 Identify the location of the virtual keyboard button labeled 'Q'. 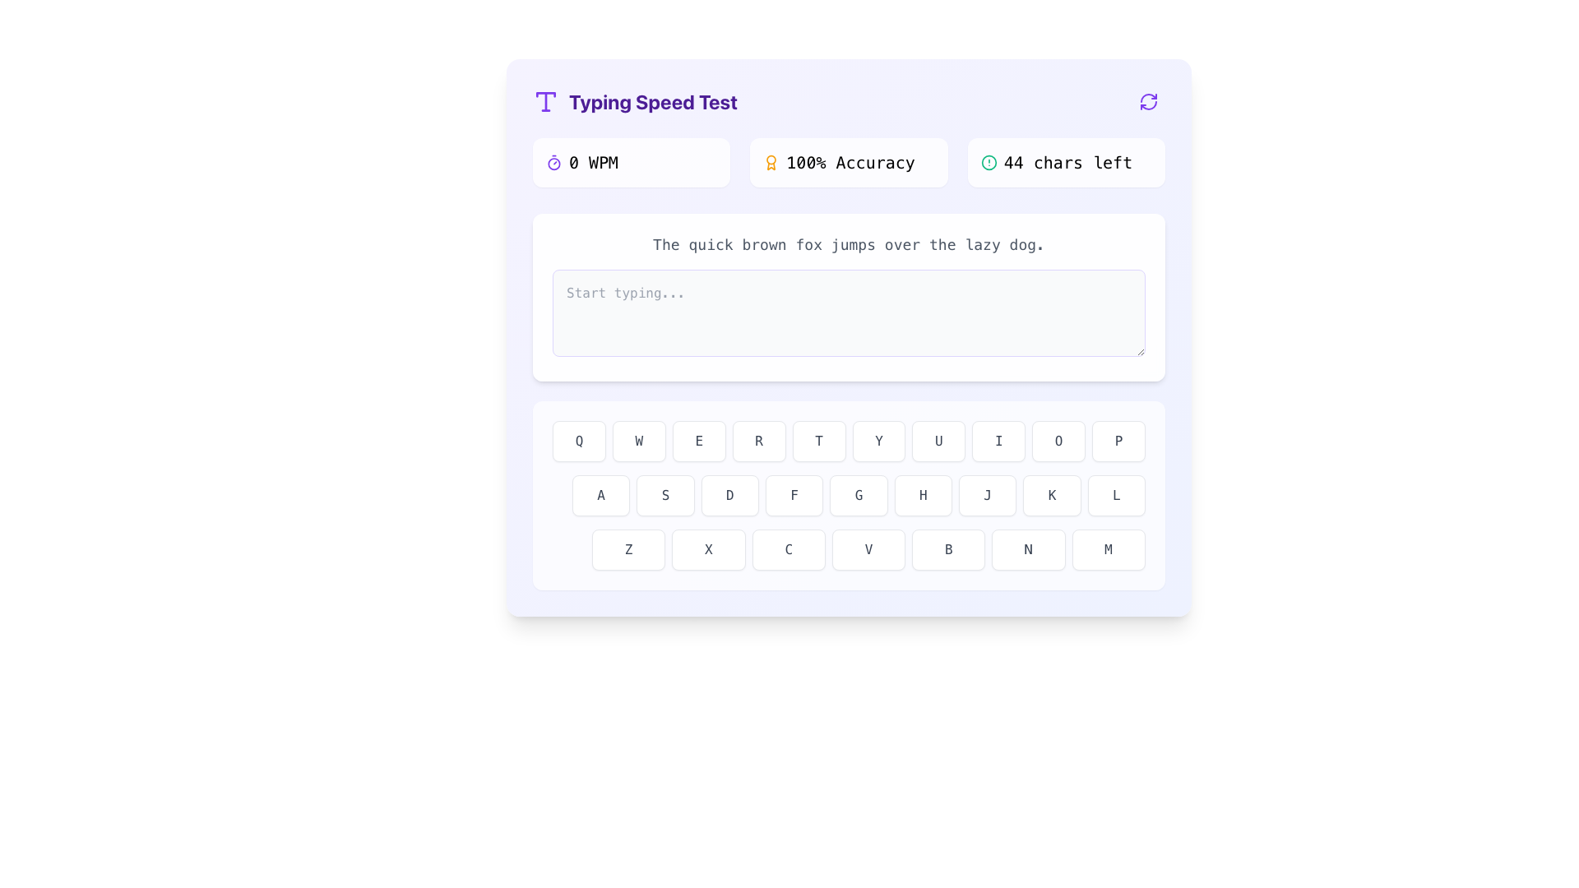
(579, 440).